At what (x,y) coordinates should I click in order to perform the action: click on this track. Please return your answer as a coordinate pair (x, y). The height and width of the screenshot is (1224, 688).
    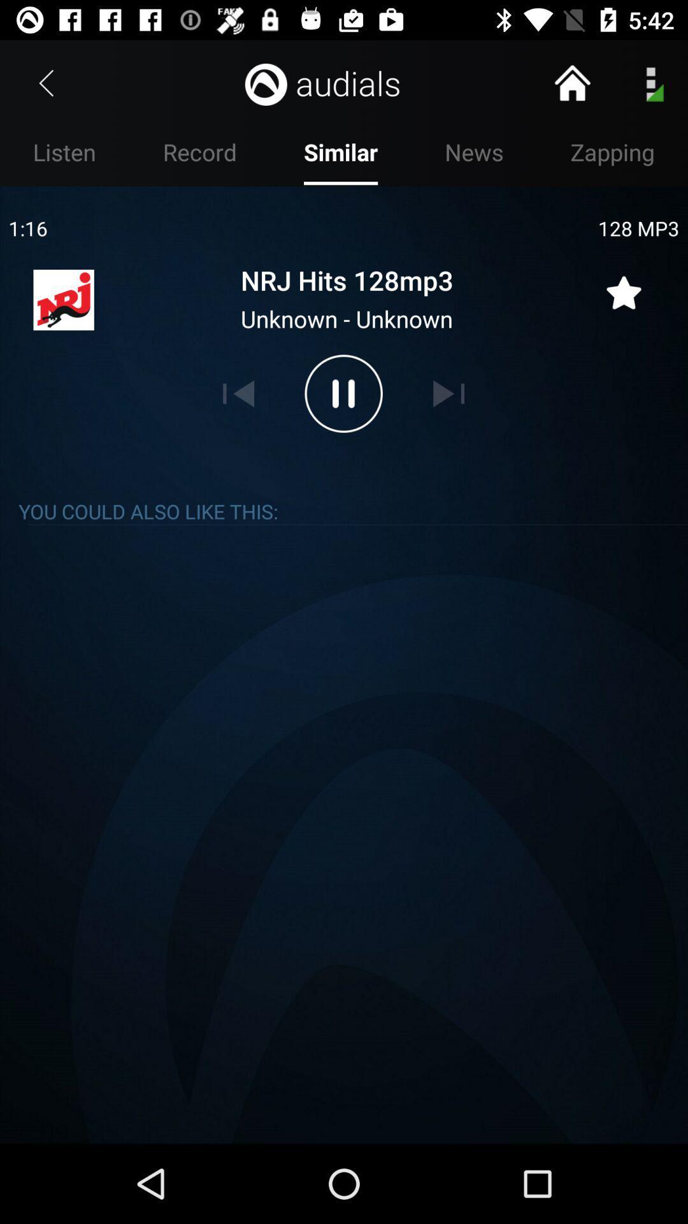
    Looking at the image, I should click on (623, 284).